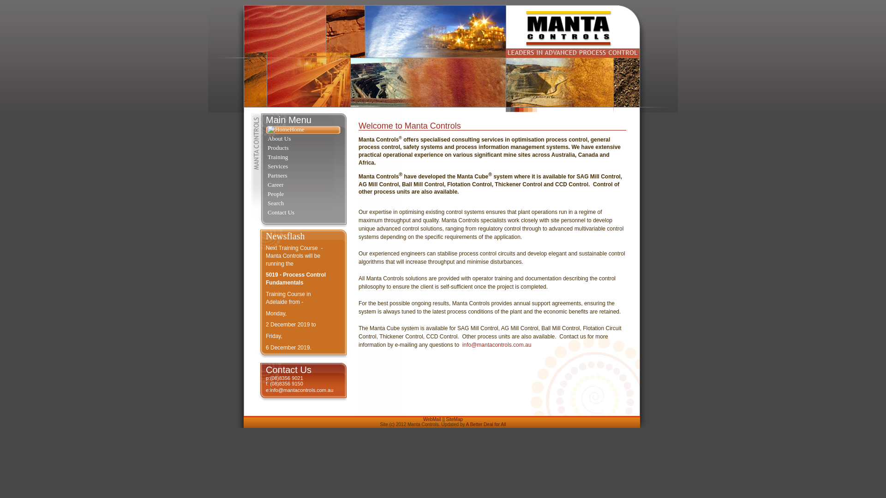  What do you see at coordinates (265, 176) in the screenshot?
I see `'Partners'` at bounding box center [265, 176].